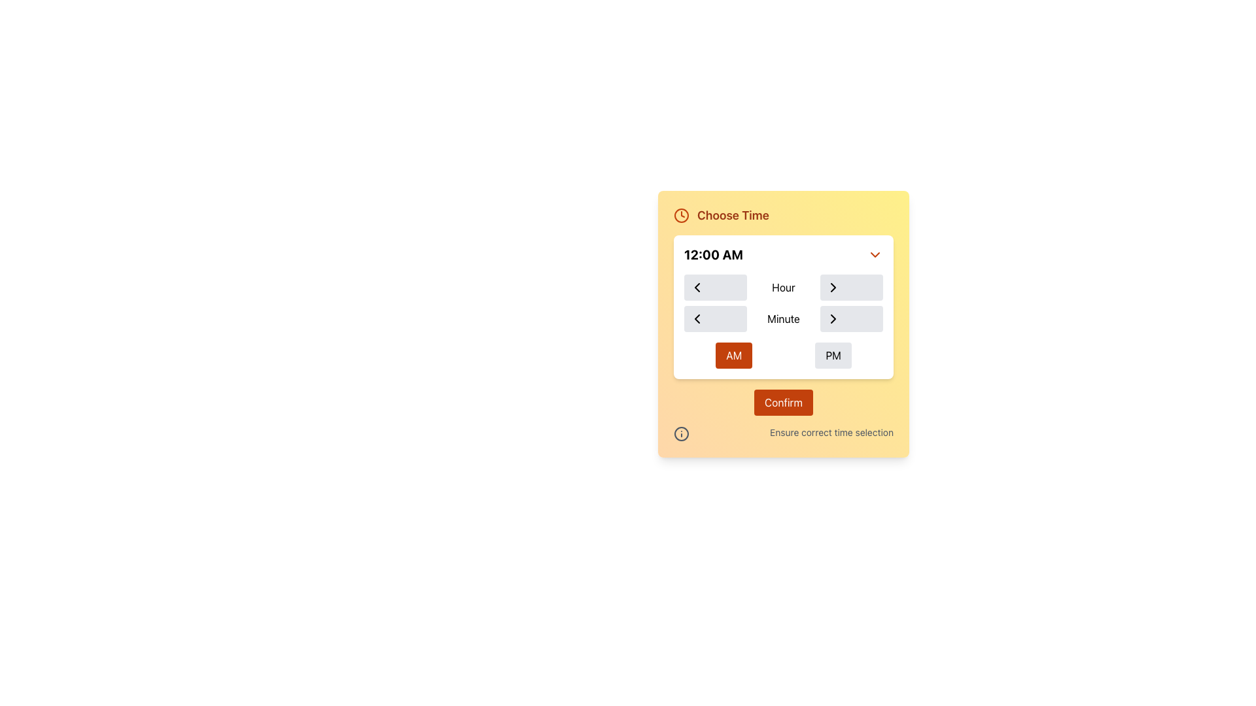  What do you see at coordinates (851, 319) in the screenshot?
I see `the button located in the 'Minute' row of the time selection interface to increment the minutes value` at bounding box center [851, 319].